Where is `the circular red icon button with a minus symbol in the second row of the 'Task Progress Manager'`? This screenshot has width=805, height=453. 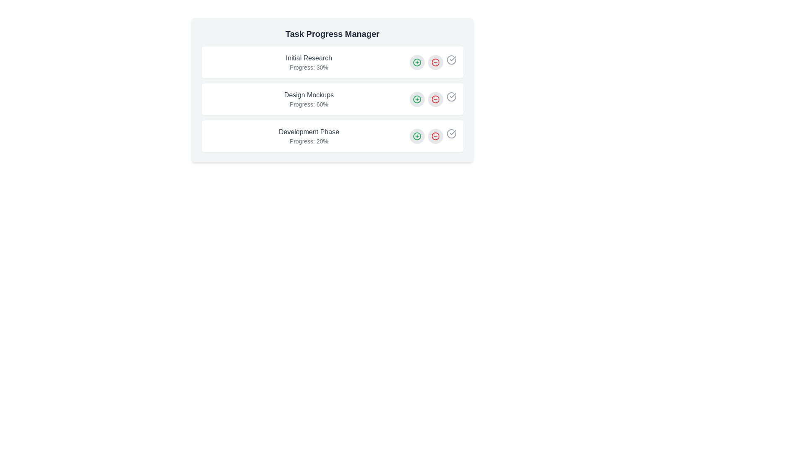 the circular red icon button with a minus symbol in the second row of the 'Task Progress Manager' is located at coordinates (435, 99).